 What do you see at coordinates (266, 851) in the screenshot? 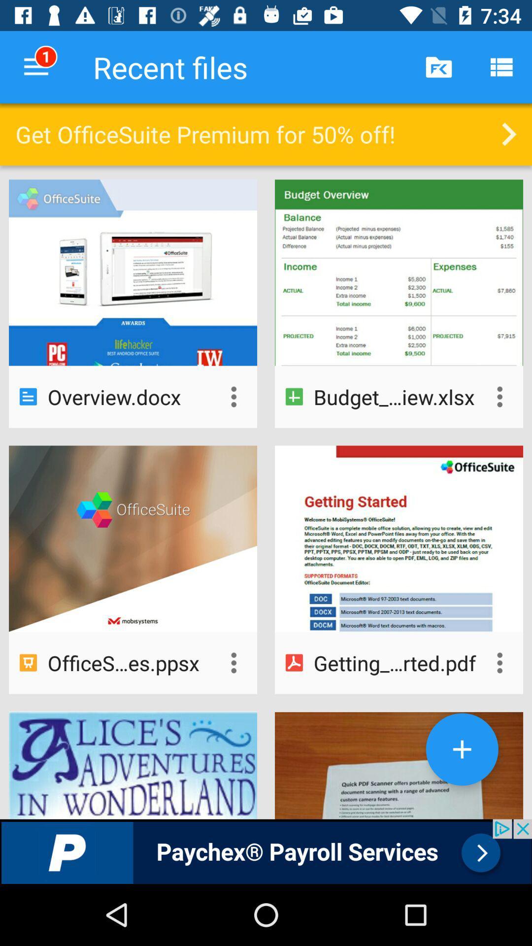
I see `go to paychex payroll services` at bounding box center [266, 851].